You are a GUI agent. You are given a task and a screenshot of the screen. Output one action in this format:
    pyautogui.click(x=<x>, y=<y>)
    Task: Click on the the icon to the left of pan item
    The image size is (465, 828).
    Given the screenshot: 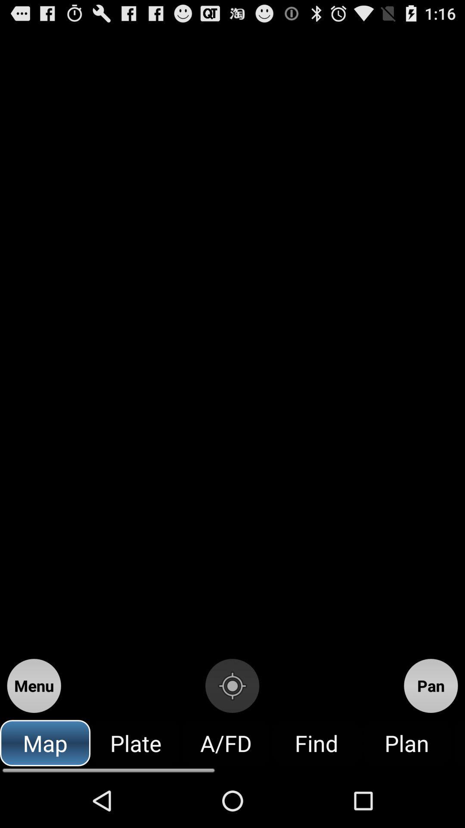 What is the action you would take?
    pyautogui.click(x=232, y=685)
    